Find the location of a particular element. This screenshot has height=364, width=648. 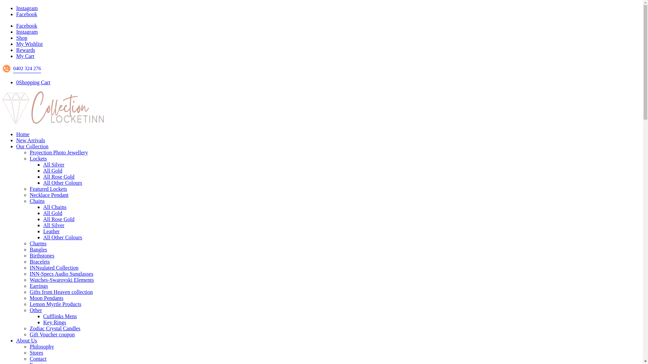

'Instagram' is located at coordinates (27, 32).